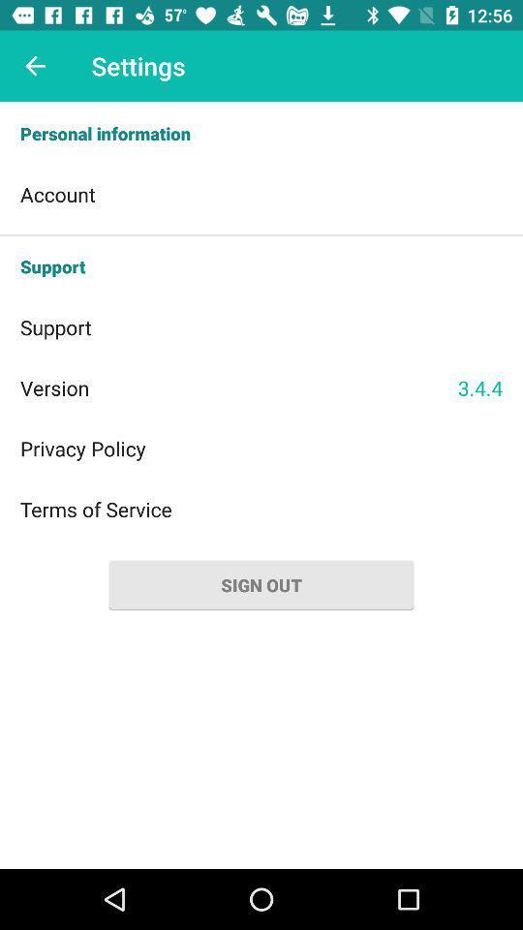 The width and height of the screenshot is (523, 930). I want to click on the item to the left of the 3.4.4 icon, so click(238, 387).